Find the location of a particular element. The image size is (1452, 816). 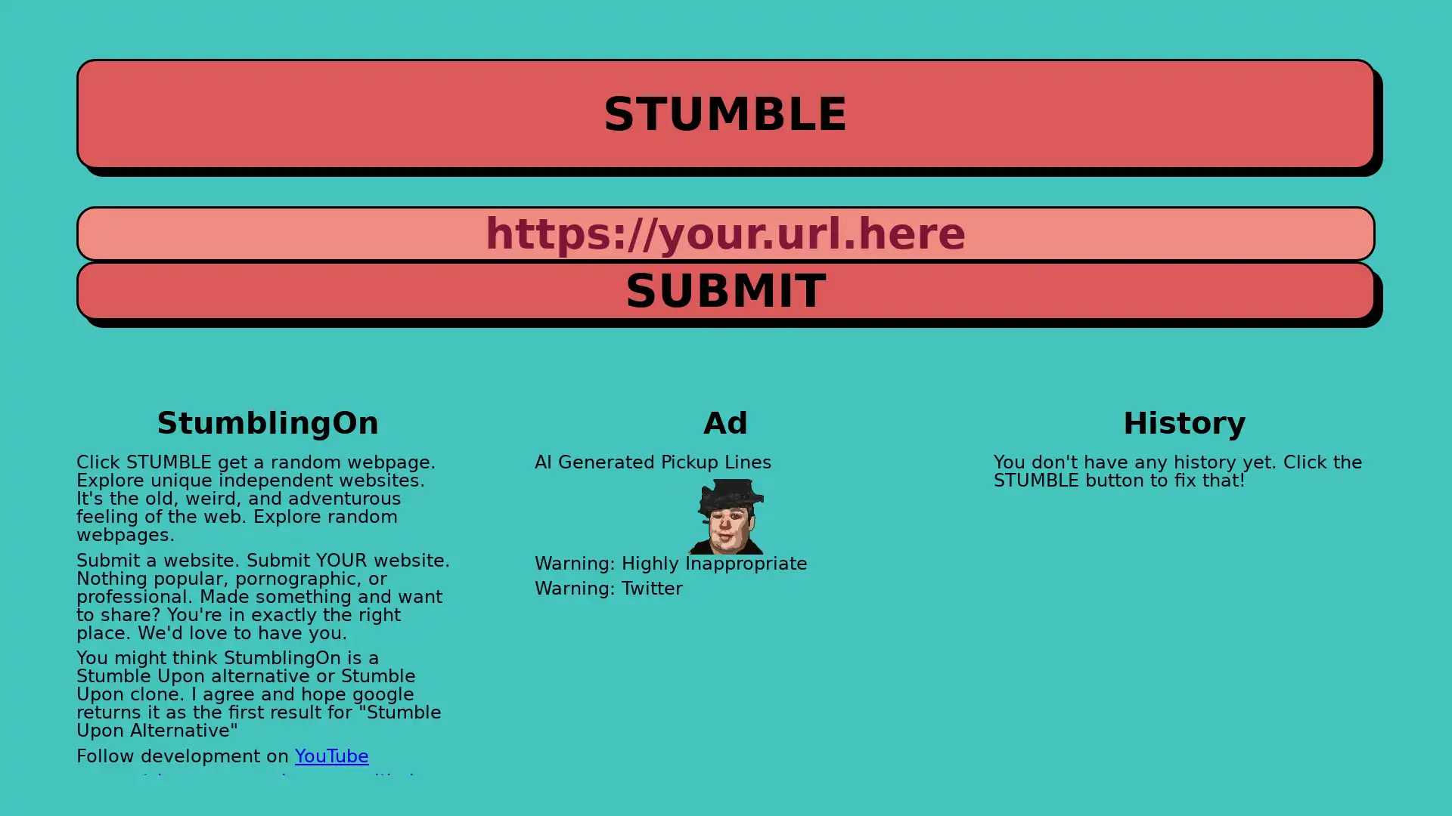

STUMBLE is located at coordinates (724, 113).